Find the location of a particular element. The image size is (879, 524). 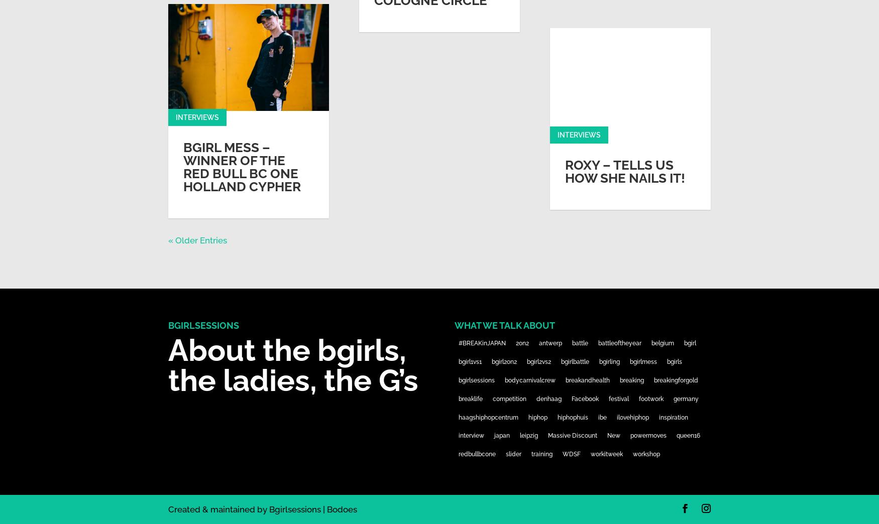

'footwork' is located at coordinates (650, 398).